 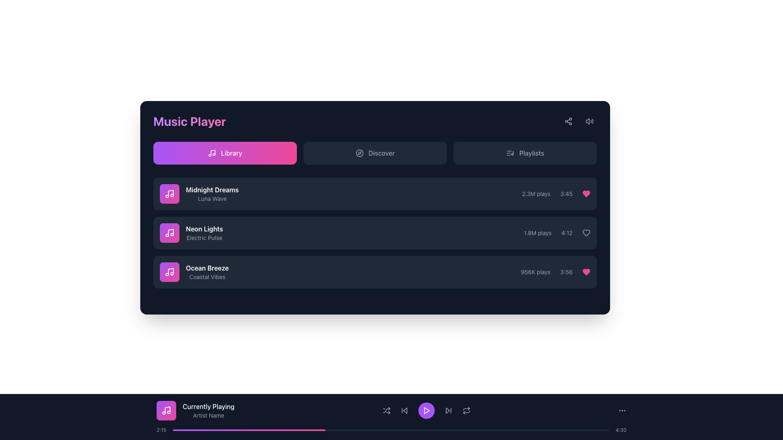 What do you see at coordinates (375, 272) in the screenshot?
I see `the list item titled 'Ocean Breeze' in the playlist` at bounding box center [375, 272].